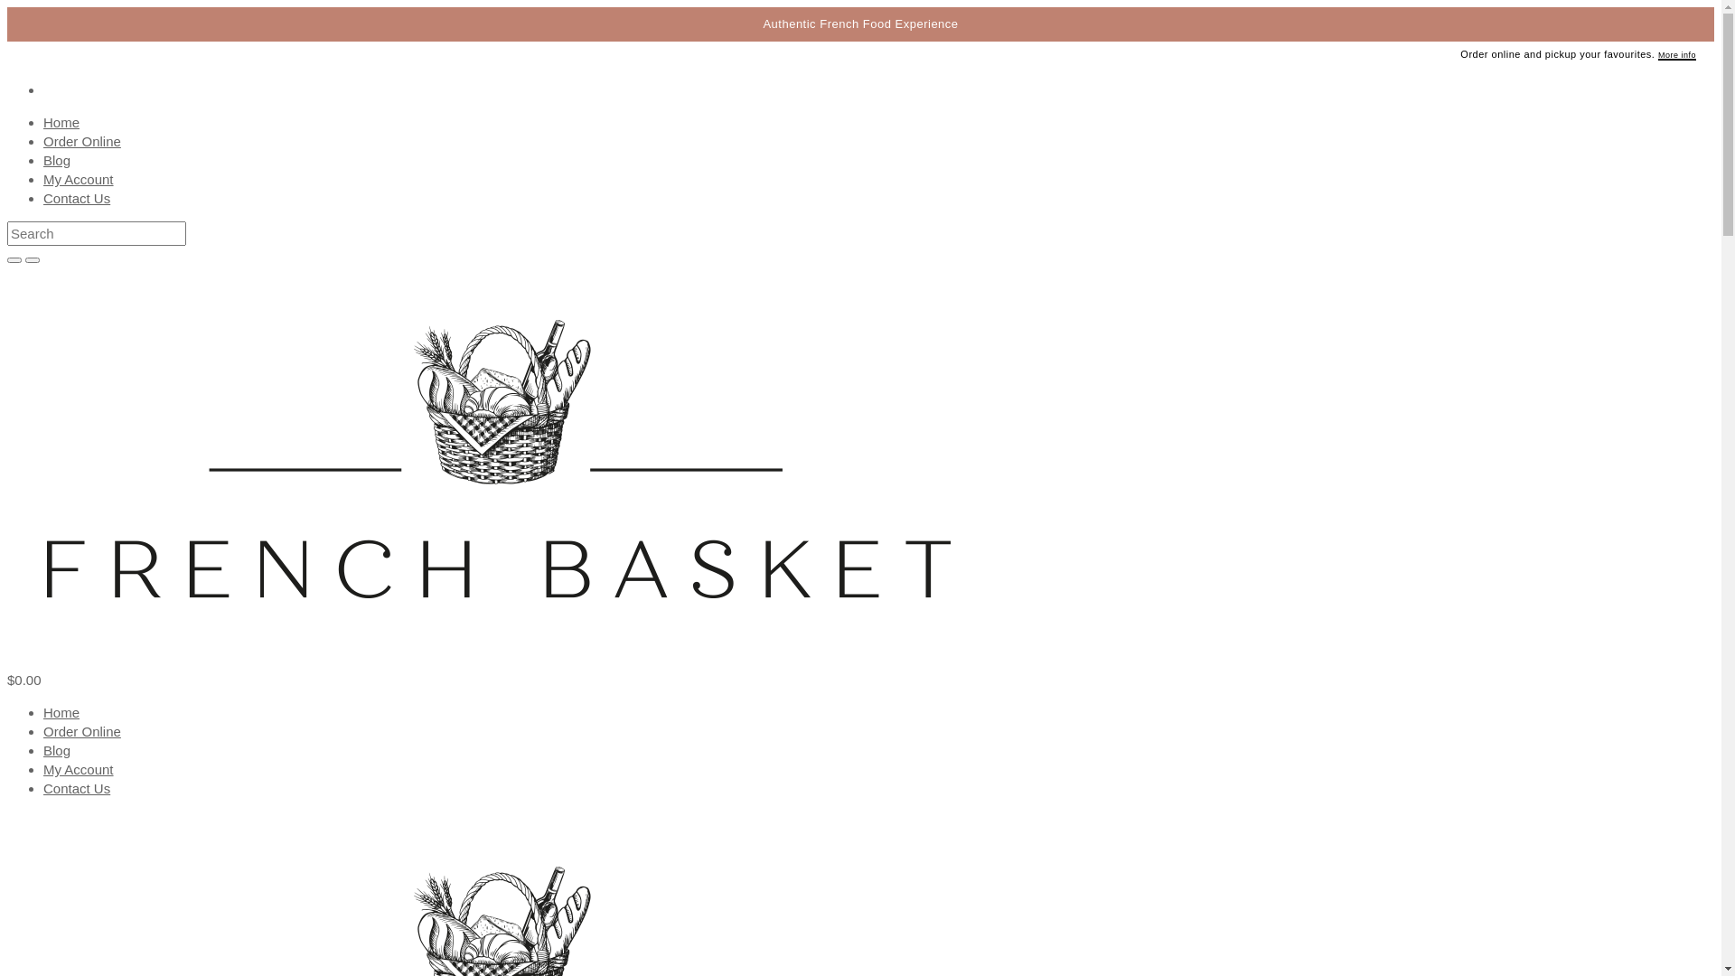 The height and width of the screenshot is (976, 1735). What do you see at coordinates (43, 787) in the screenshot?
I see `'Contact Us'` at bounding box center [43, 787].